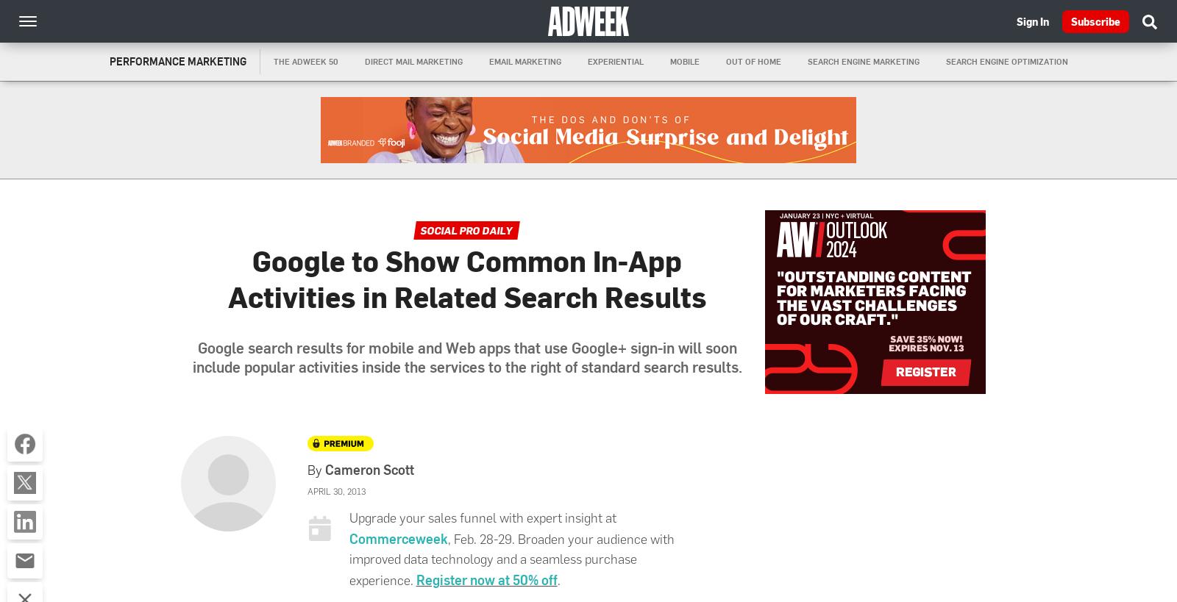 This screenshot has width=1177, height=602. I want to click on 'Sign In', so click(1032, 20).